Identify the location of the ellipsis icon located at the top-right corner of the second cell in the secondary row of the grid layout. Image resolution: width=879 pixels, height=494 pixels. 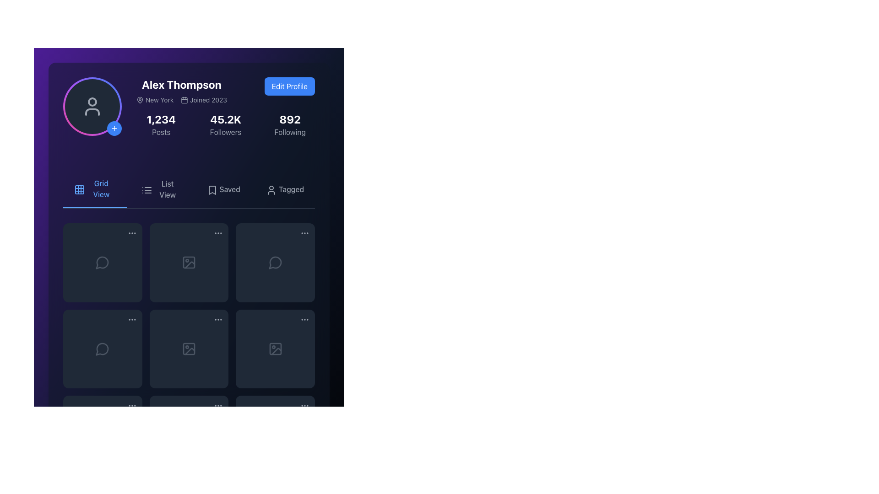
(131, 319).